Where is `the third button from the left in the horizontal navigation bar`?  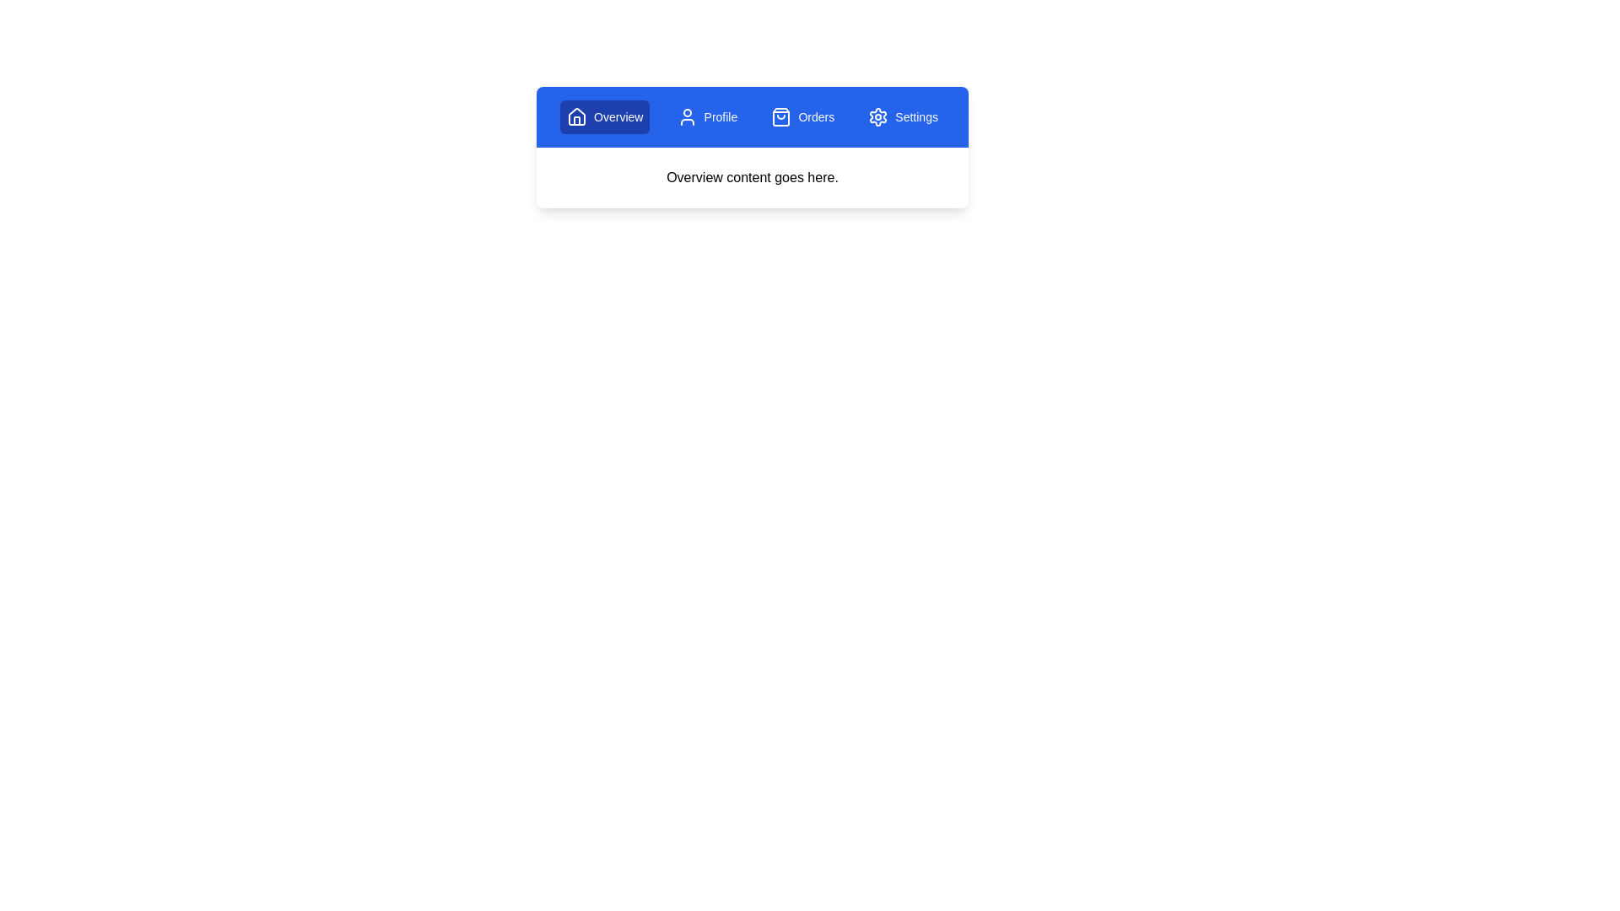 the third button from the left in the horizontal navigation bar is located at coordinates (802, 116).